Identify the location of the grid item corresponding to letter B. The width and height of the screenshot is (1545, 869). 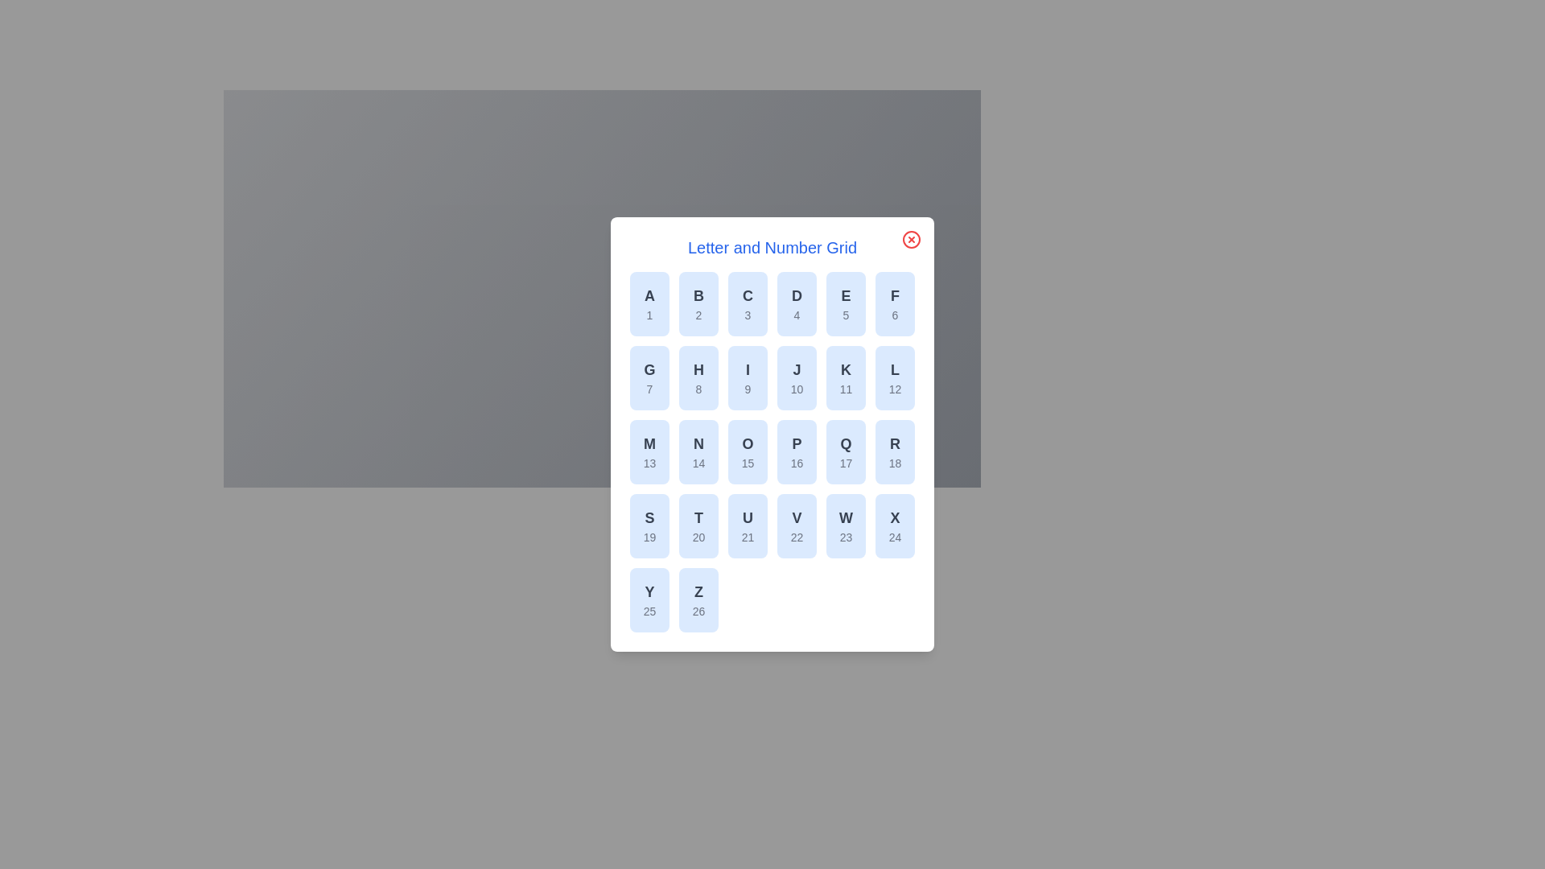
(698, 304).